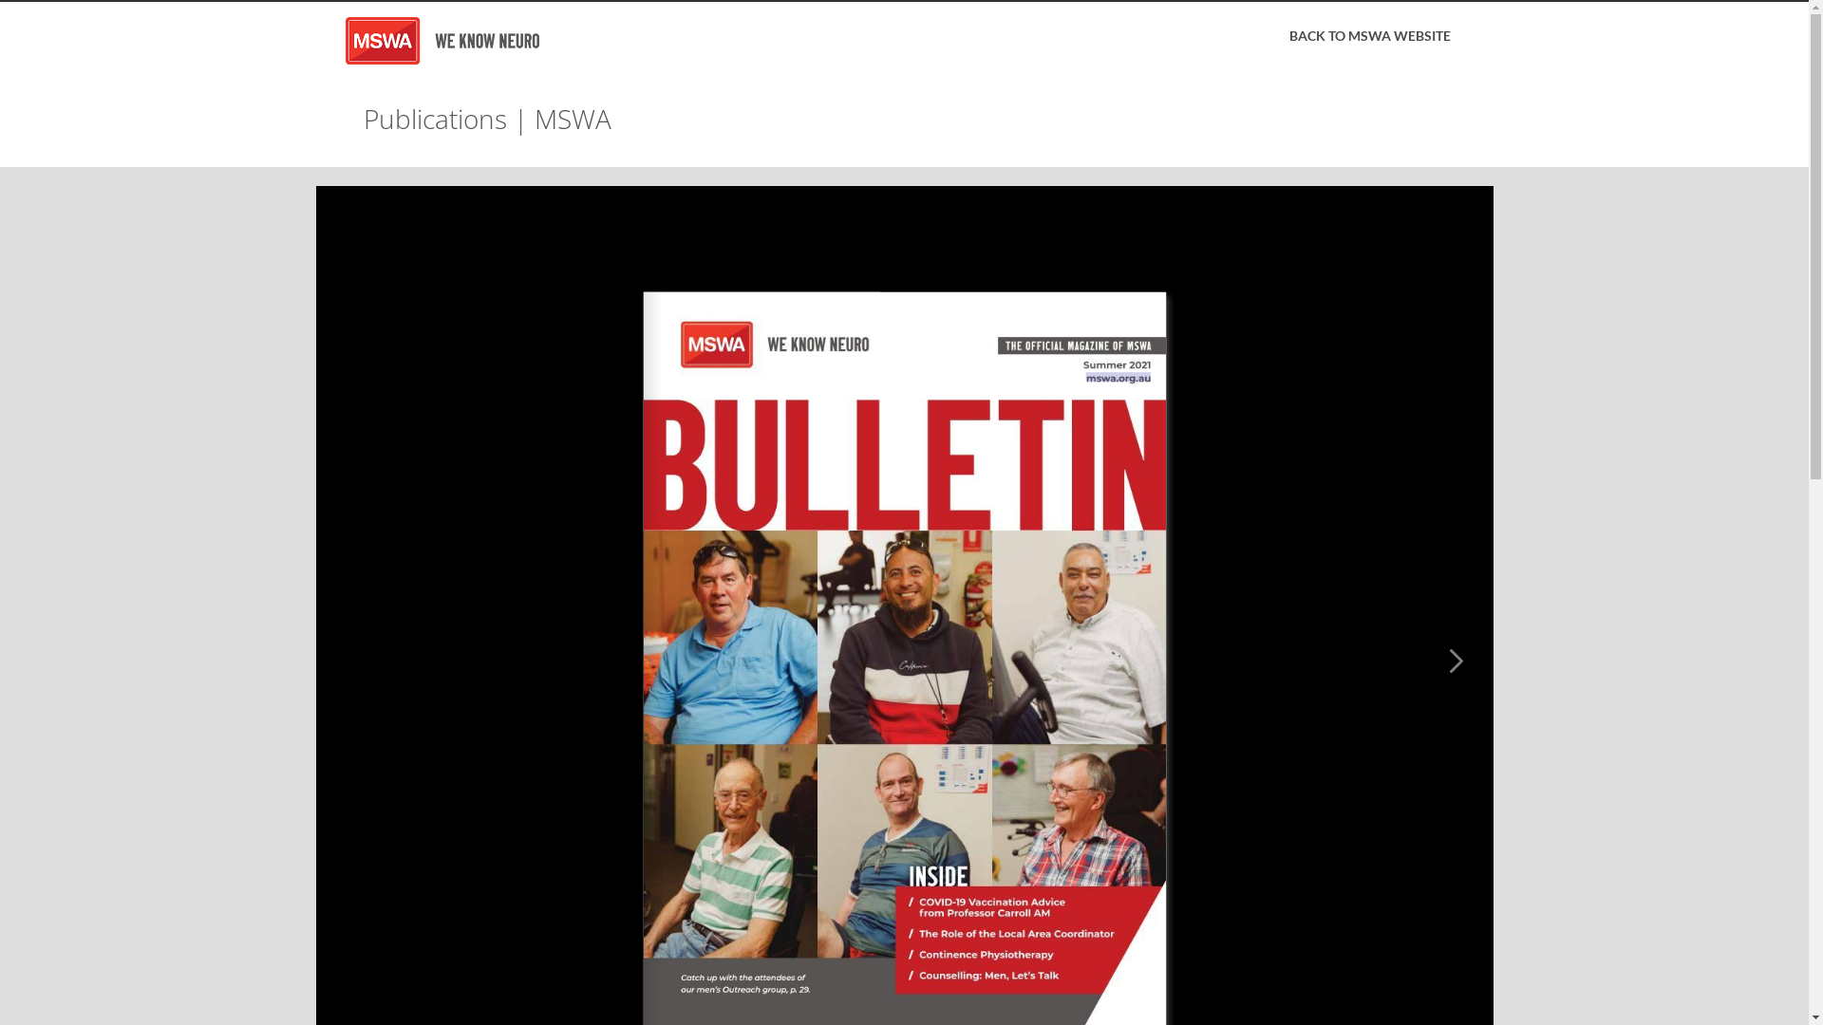 This screenshot has height=1025, width=1823. I want to click on 'BACK TO MSWA WEBSITE', so click(1274, 36).